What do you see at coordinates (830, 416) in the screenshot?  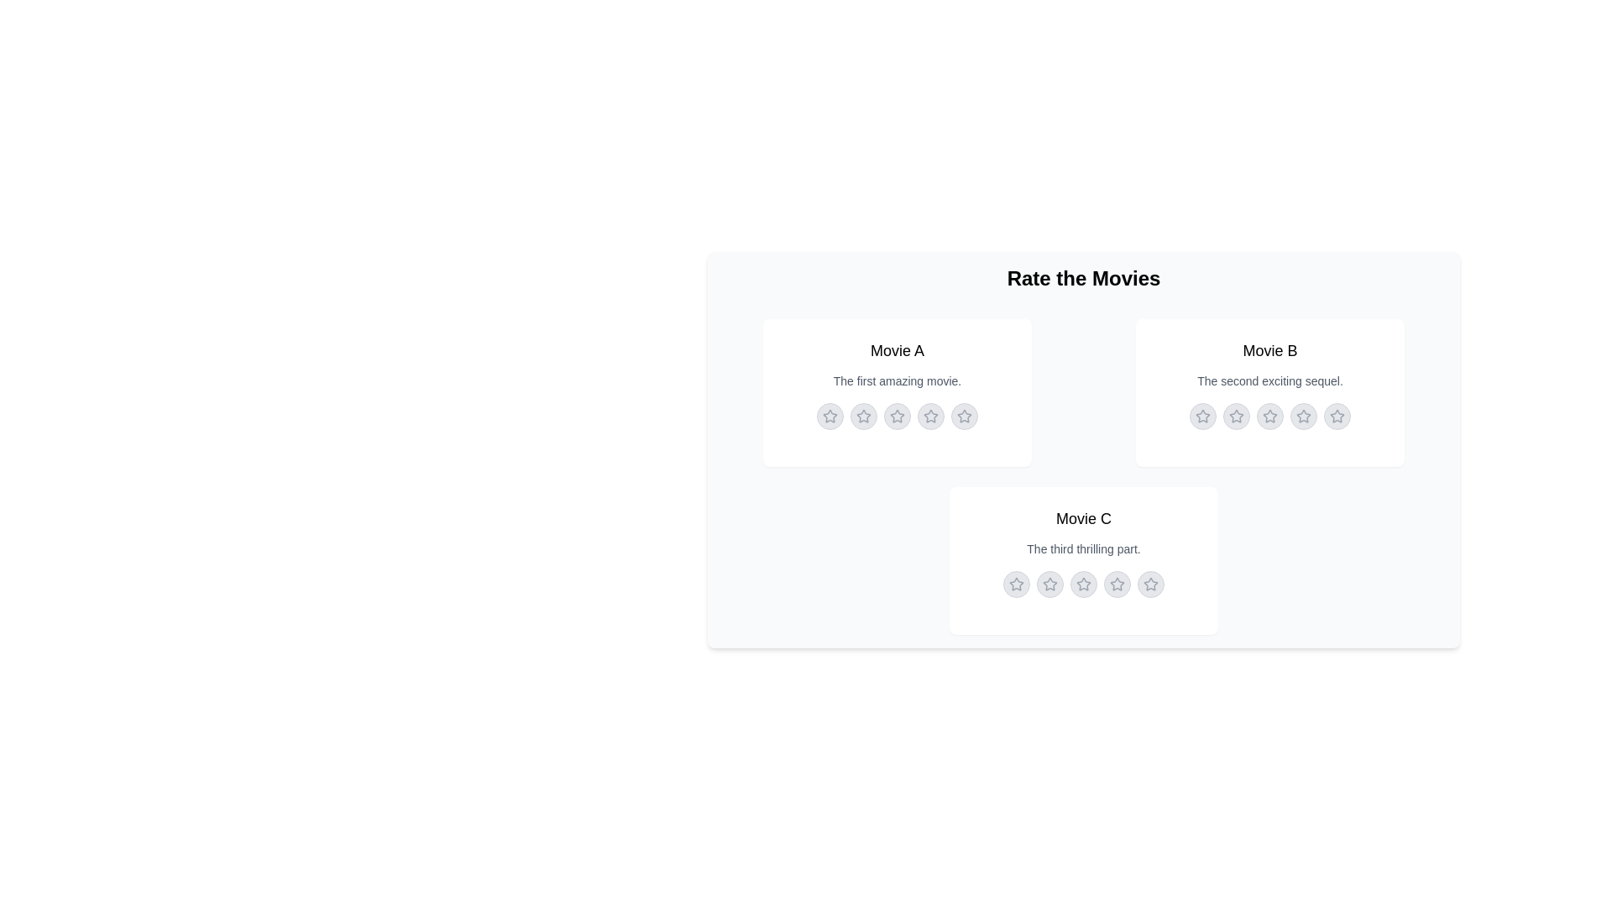 I see `the first Rating button in the horizontal row below 'Movie A' to give a rating` at bounding box center [830, 416].